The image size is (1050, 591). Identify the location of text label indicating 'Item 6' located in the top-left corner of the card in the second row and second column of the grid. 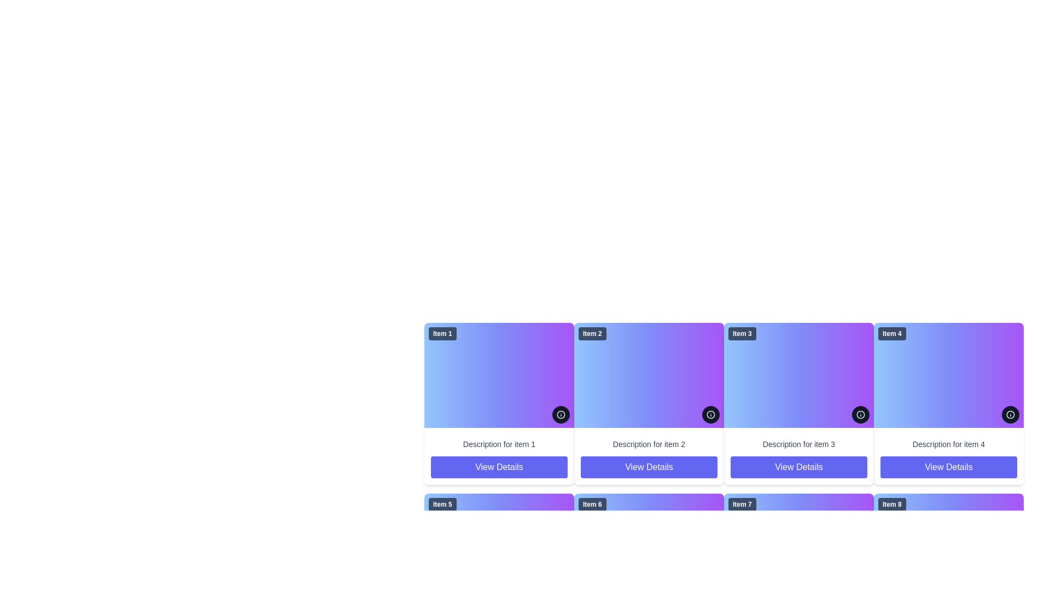
(592, 504).